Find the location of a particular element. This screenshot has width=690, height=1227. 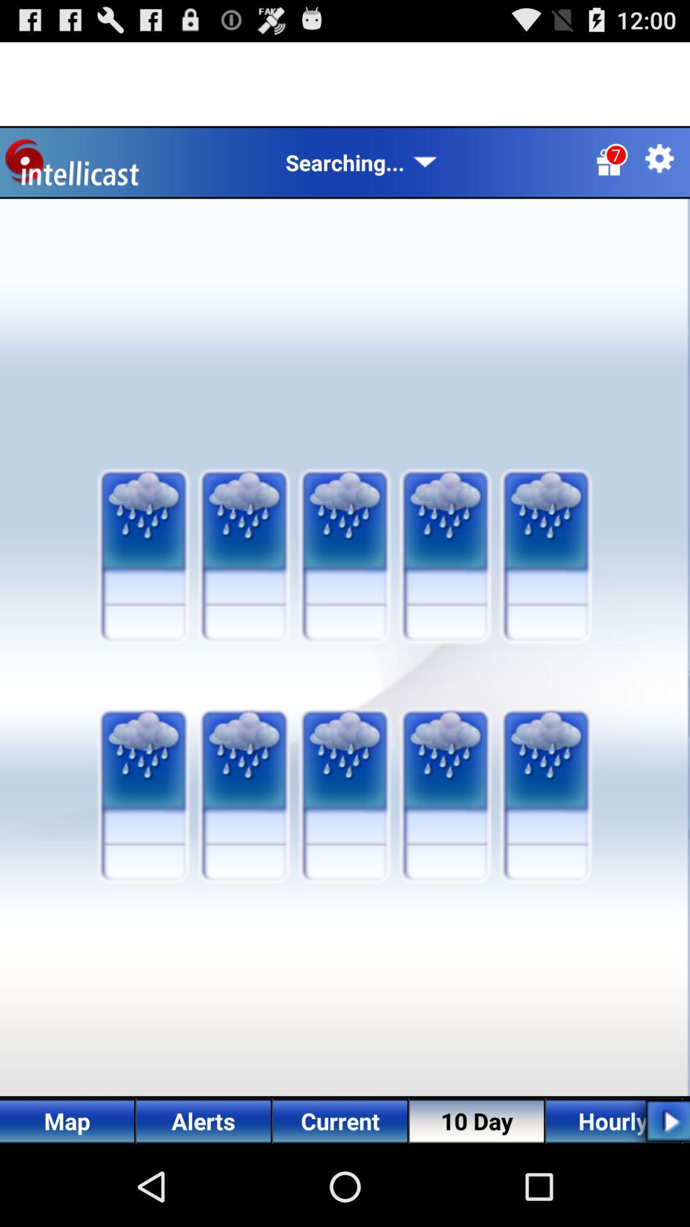

the third image in the second row is located at coordinates (344, 743).